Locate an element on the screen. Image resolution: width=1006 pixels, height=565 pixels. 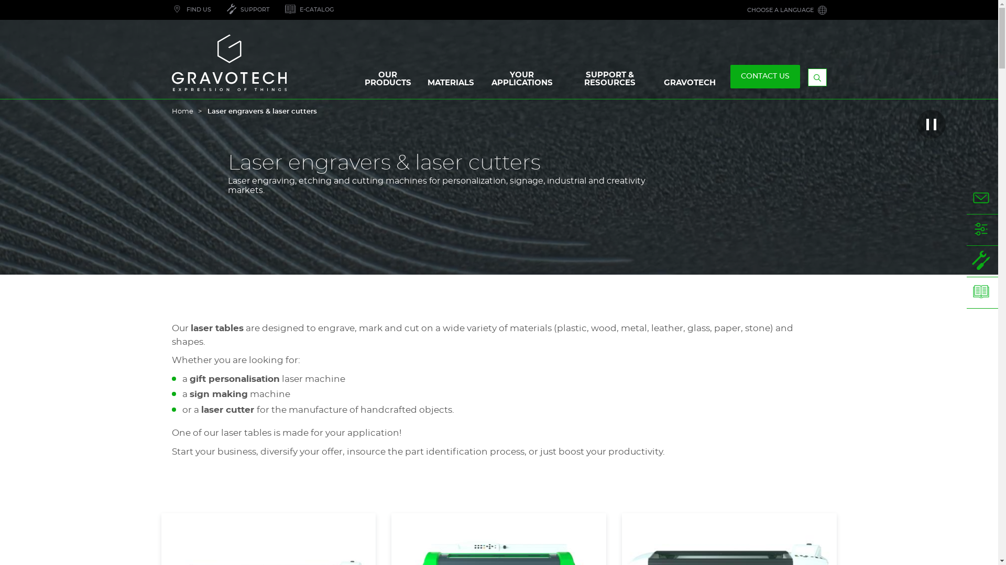
'OUR PRODUCTS' is located at coordinates (387, 81).